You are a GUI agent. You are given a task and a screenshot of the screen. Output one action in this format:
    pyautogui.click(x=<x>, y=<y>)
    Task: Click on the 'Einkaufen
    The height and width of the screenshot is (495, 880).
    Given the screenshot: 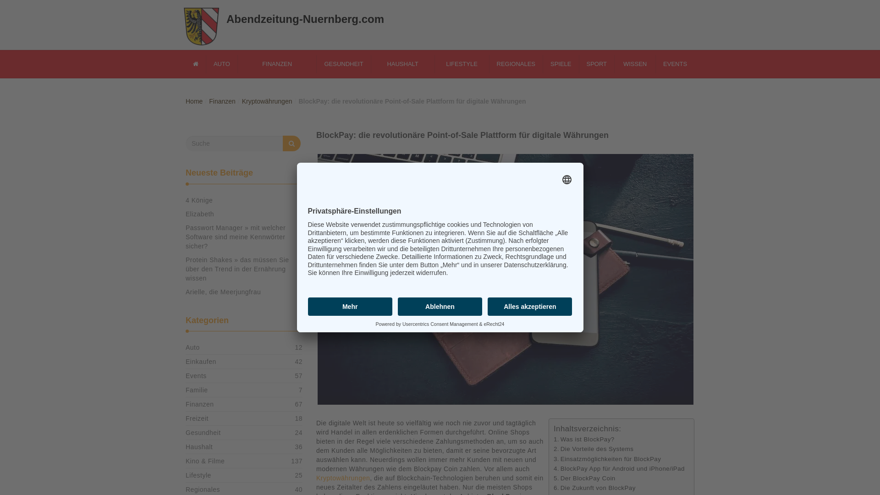 What is the action you would take?
    pyautogui.click(x=200, y=361)
    